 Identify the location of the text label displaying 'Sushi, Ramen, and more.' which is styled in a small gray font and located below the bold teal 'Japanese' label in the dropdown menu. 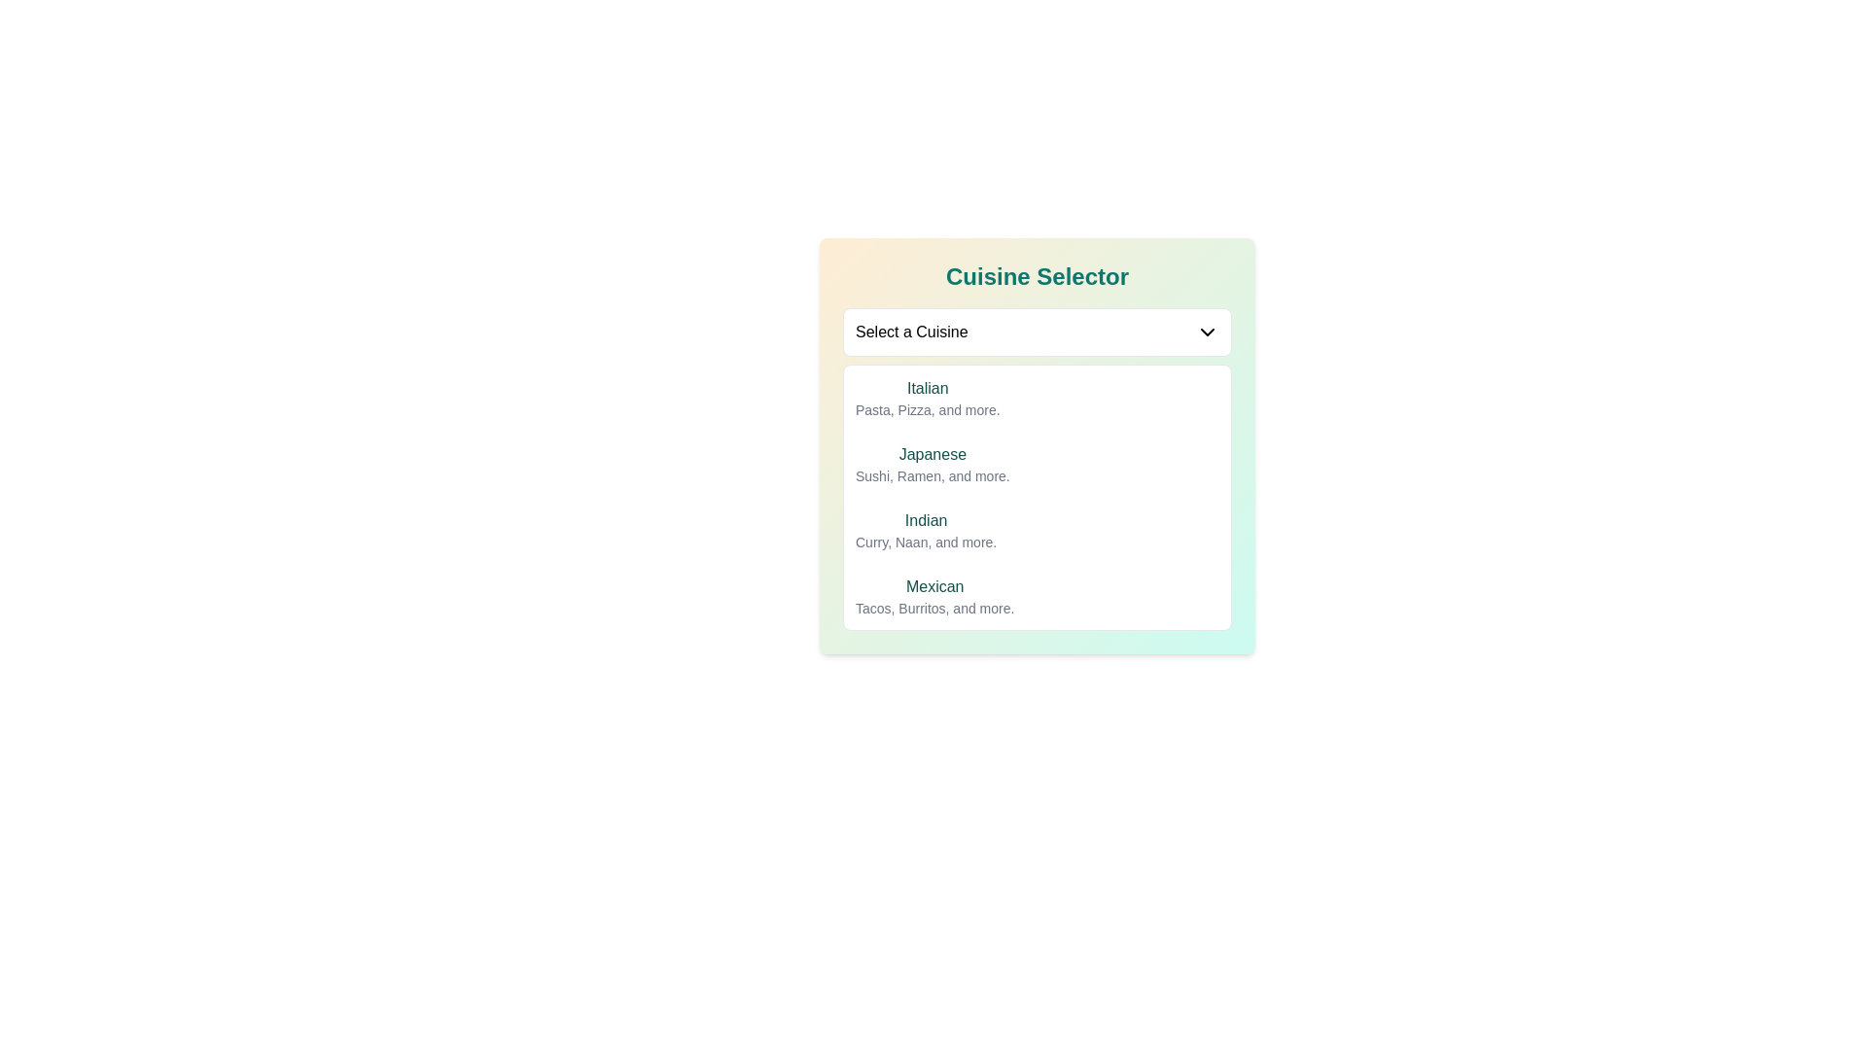
(932, 475).